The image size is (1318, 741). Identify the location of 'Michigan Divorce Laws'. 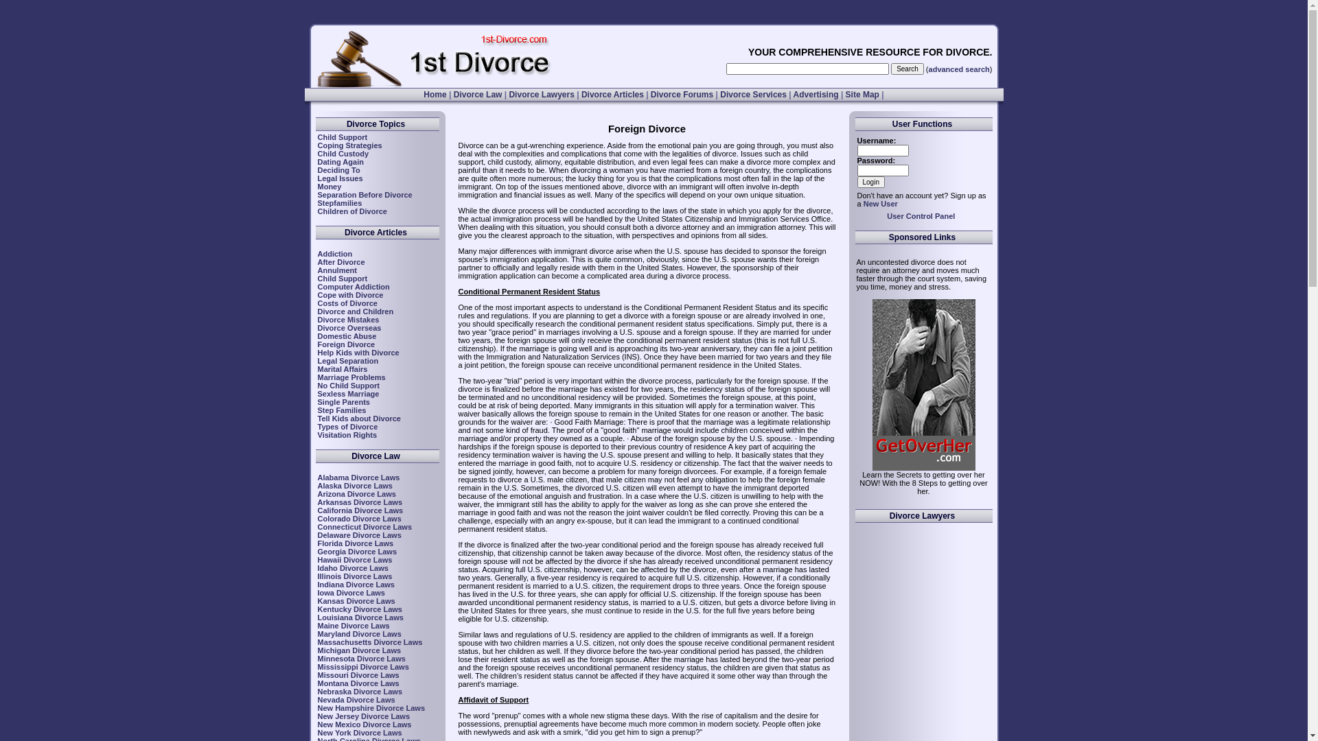
(359, 650).